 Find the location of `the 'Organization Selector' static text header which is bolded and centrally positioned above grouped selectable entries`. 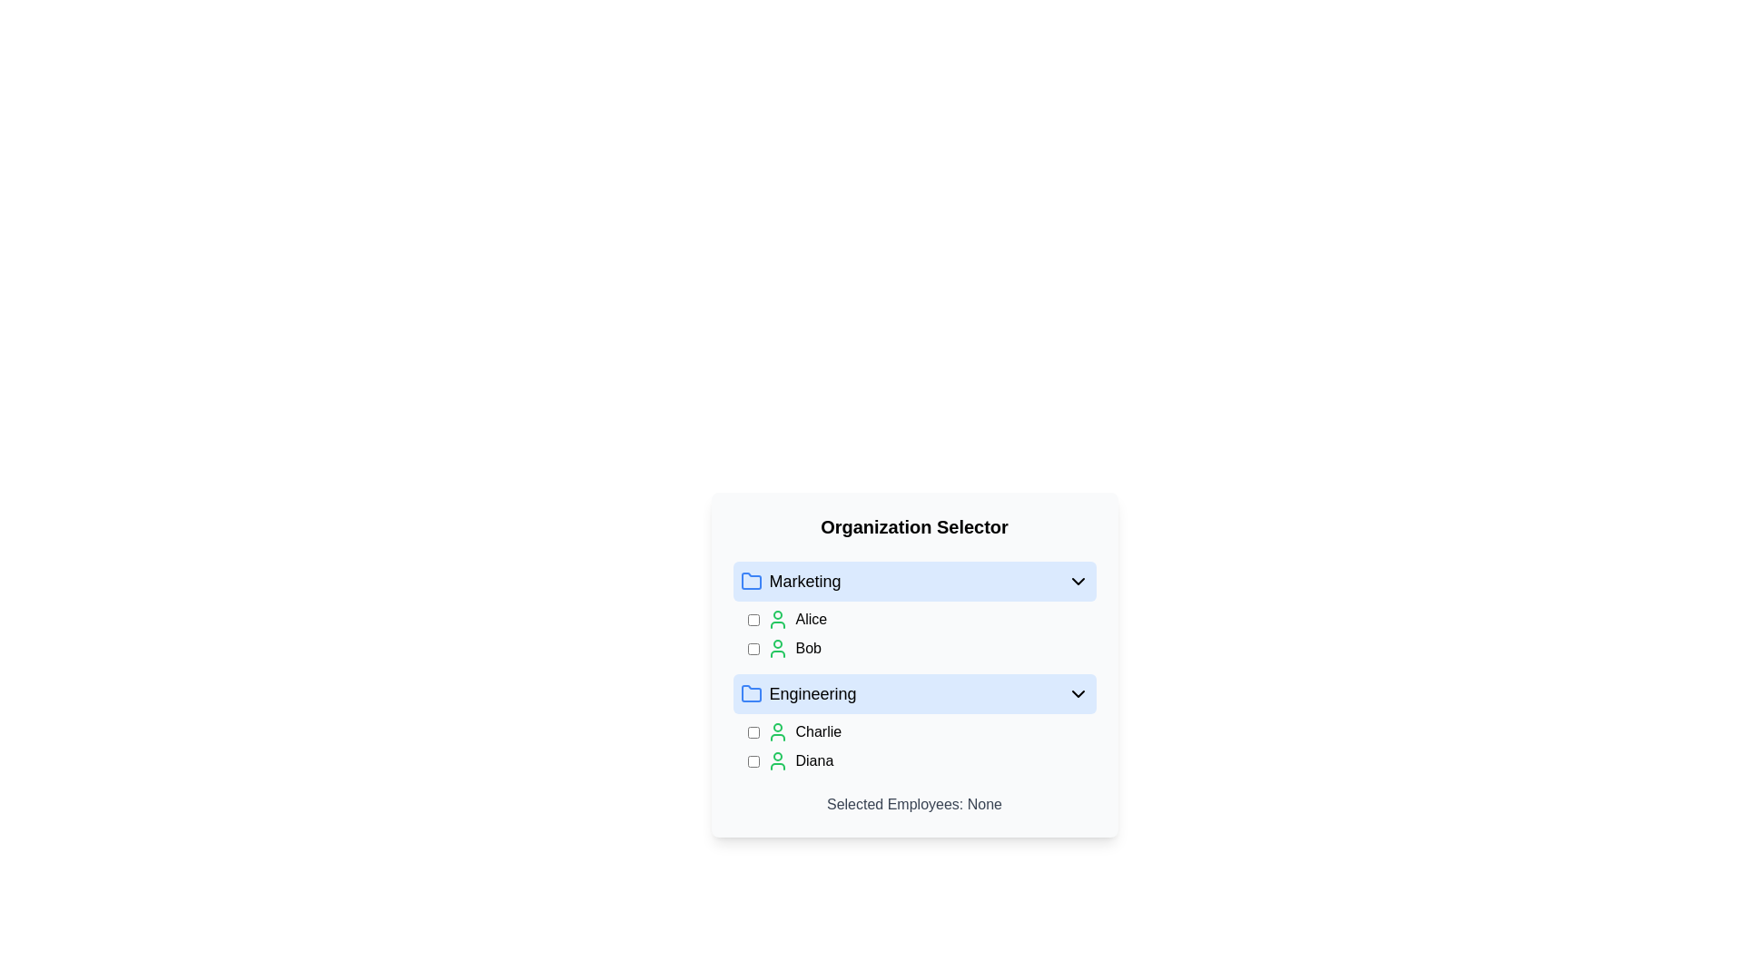

the 'Organization Selector' static text header which is bolded and centrally positioned above grouped selectable entries is located at coordinates (914, 527).